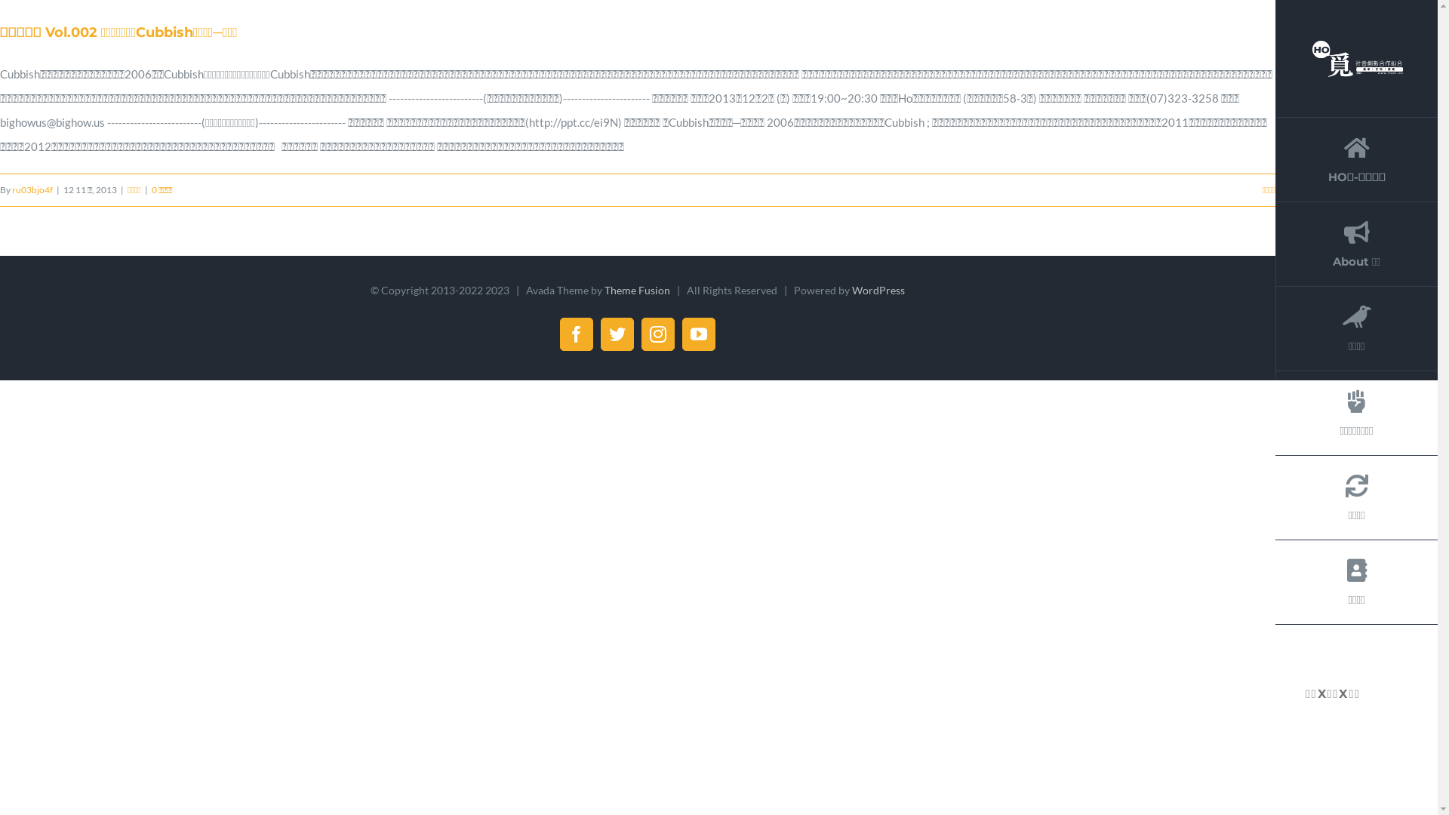 Image resolution: width=1449 pixels, height=815 pixels. Describe the element at coordinates (32, 189) in the screenshot. I see `'ru03bjo4f'` at that location.